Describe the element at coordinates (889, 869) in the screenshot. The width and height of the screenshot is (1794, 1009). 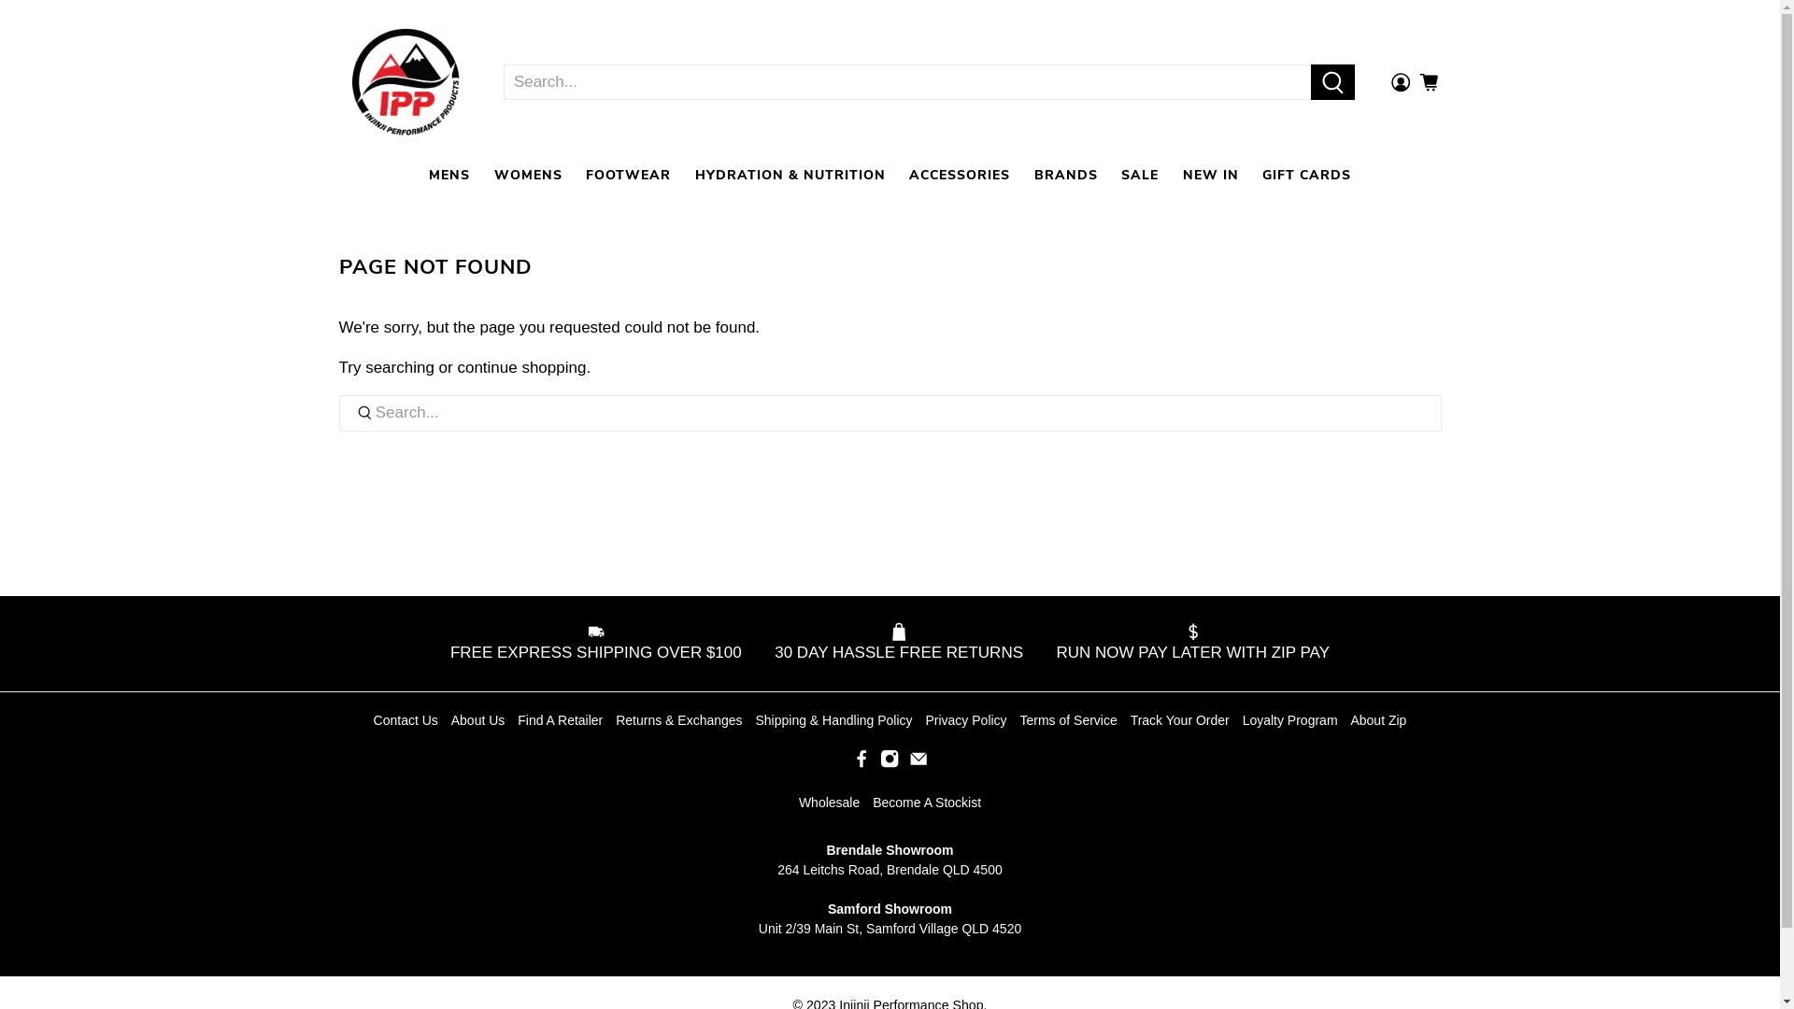
I see `'264 Leitchs Road, Brendale QLD 4500'` at that location.